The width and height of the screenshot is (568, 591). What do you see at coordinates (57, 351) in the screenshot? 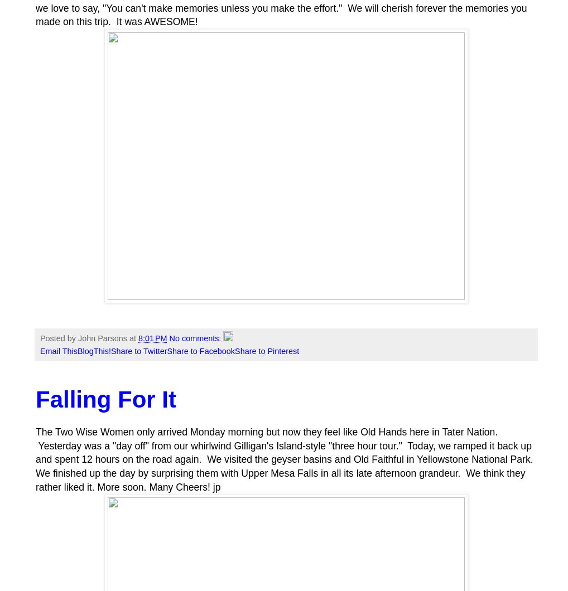
I see `'Email This'` at bounding box center [57, 351].